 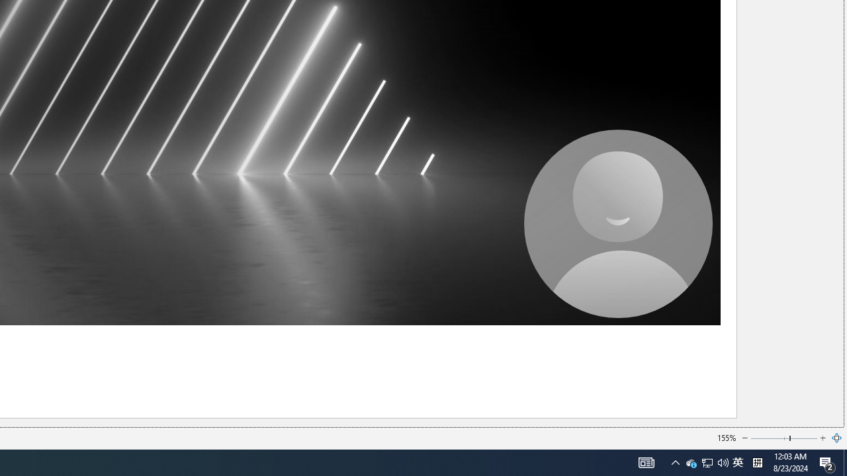 I want to click on 'Zoom to Page', so click(x=836, y=438).